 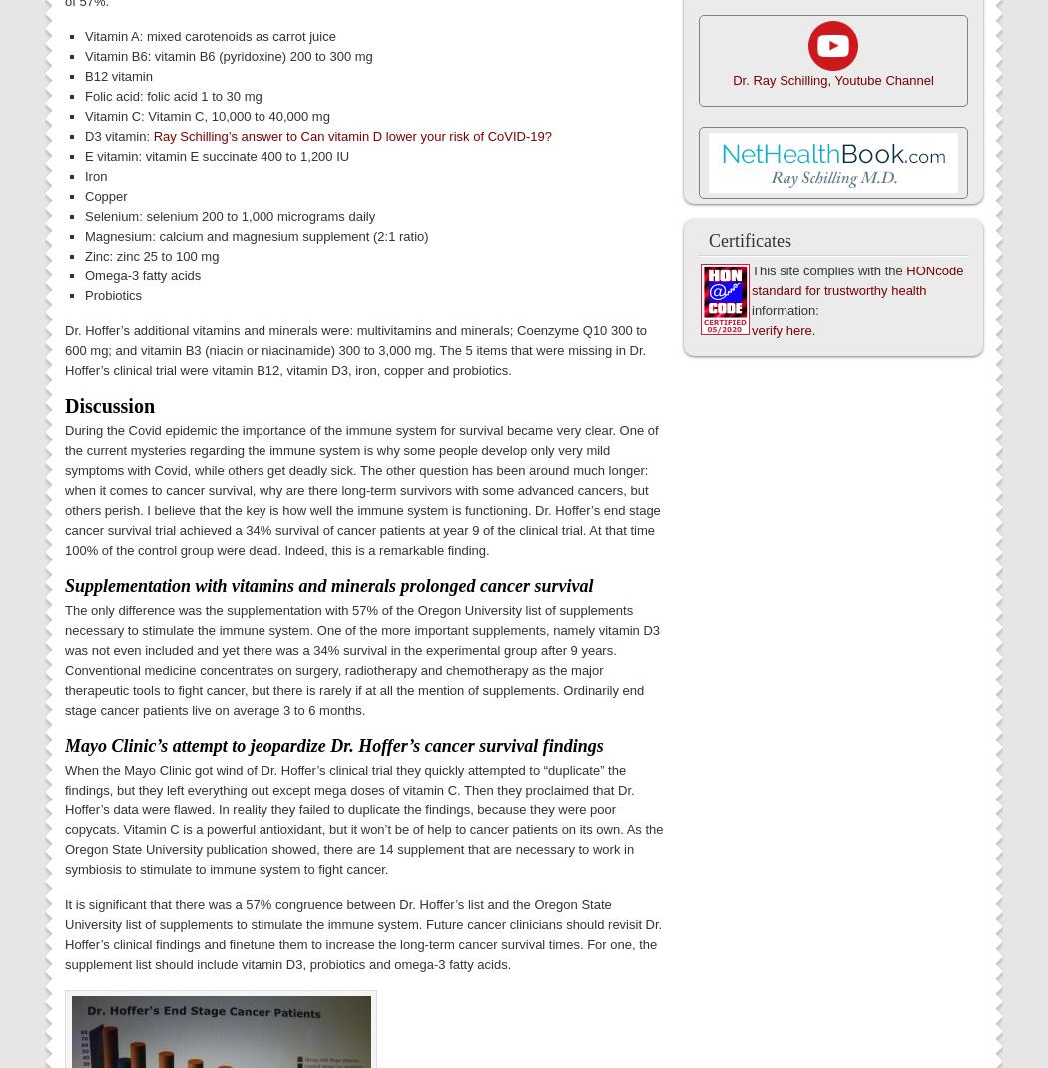 I want to click on 'Dr. Ray Schilling, Youtube Channel', so click(x=832, y=79).